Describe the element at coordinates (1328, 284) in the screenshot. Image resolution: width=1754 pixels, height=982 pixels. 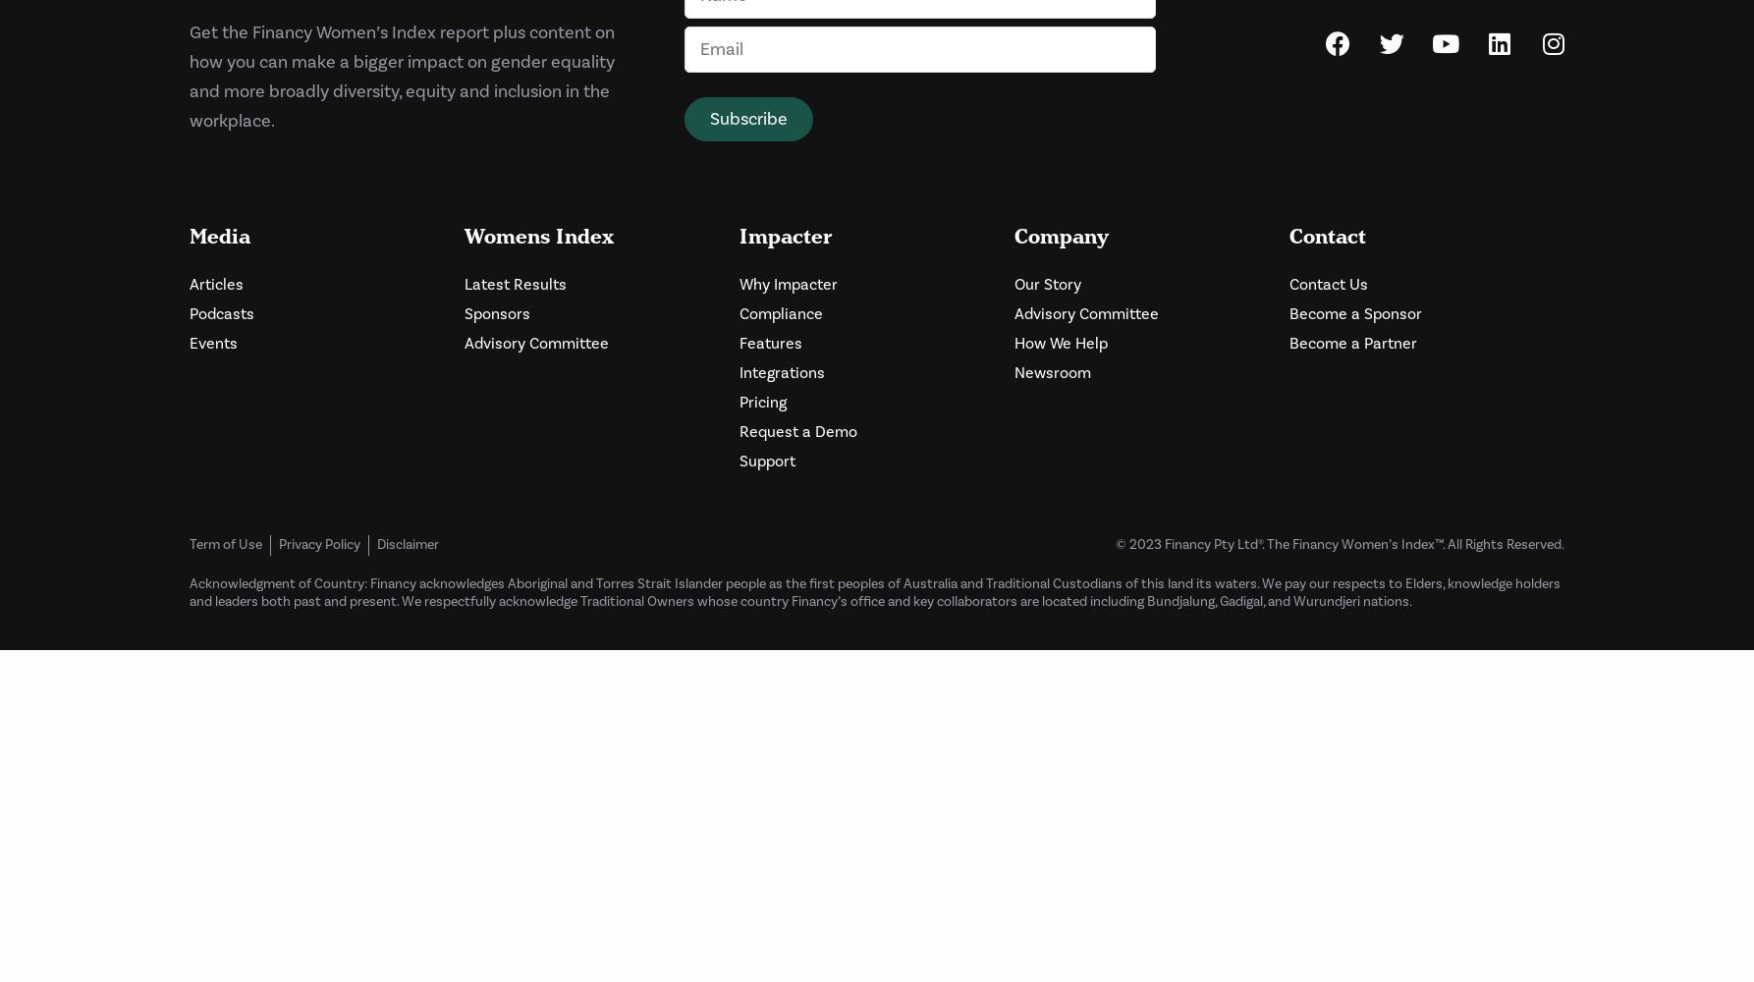
I see `'Contact Us'` at that location.